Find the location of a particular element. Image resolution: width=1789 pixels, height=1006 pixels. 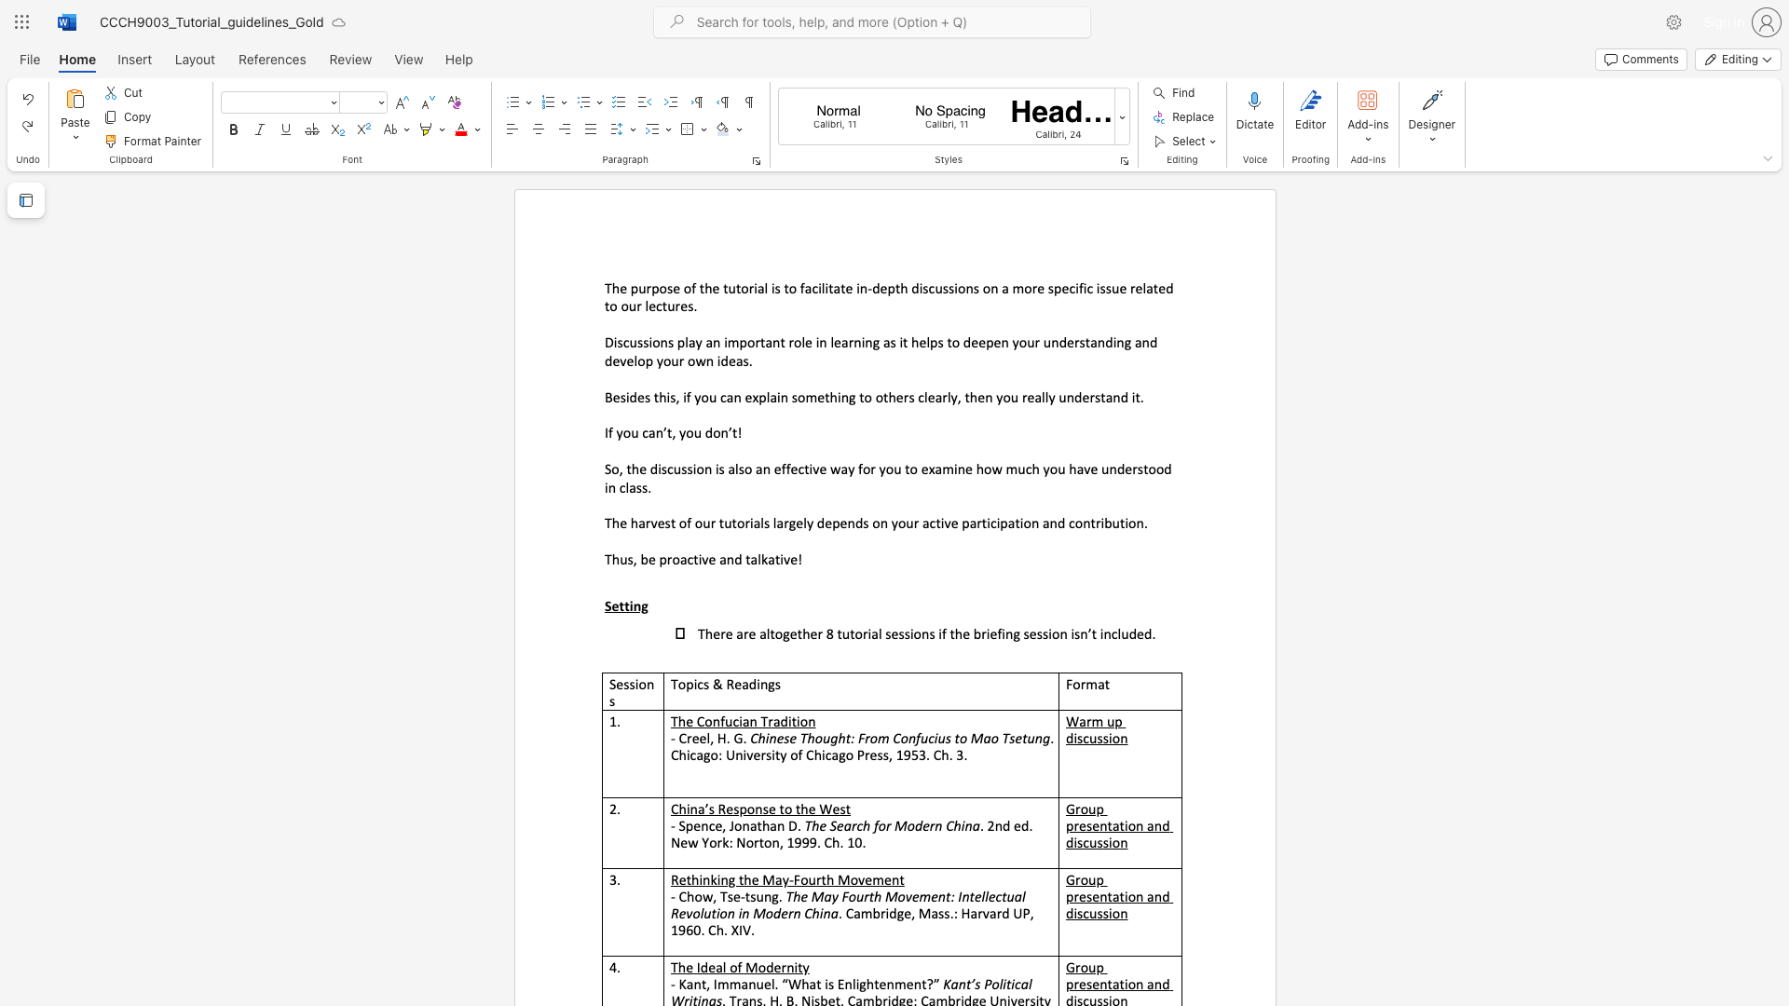

the space between the continuous character "h" and "o" in the text is located at coordinates (983, 468).